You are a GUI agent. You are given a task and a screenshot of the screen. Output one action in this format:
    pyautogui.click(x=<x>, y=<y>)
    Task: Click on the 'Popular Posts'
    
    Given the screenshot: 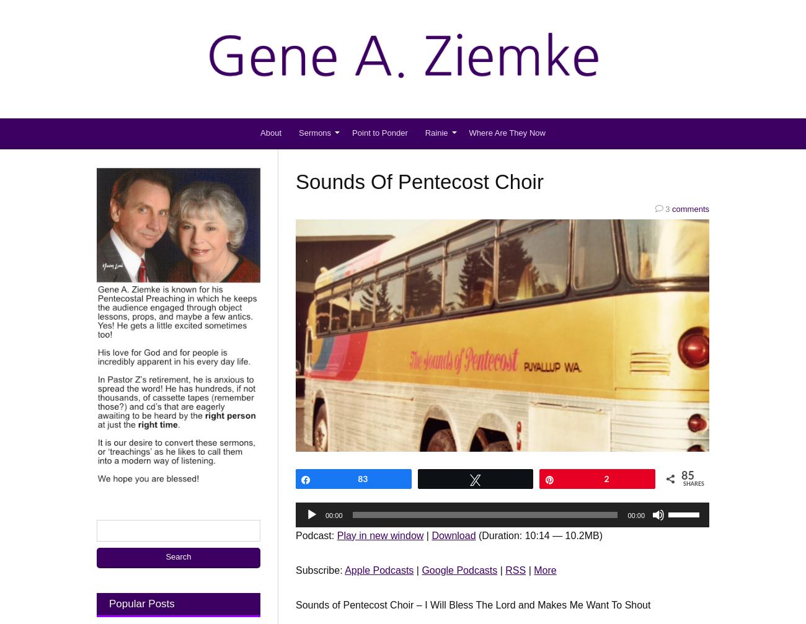 What is the action you would take?
    pyautogui.click(x=109, y=602)
    